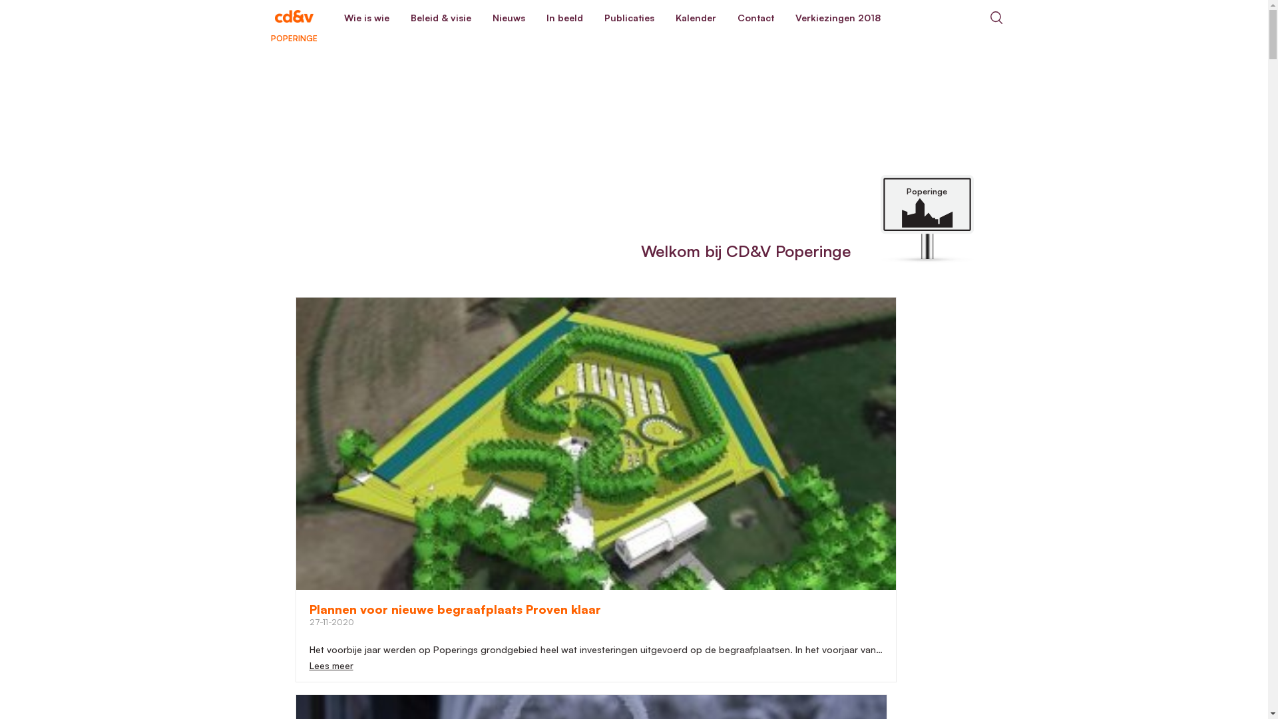 This screenshot has width=1278, height=719. I want to click on 'Publicaties', so click(628, 18).